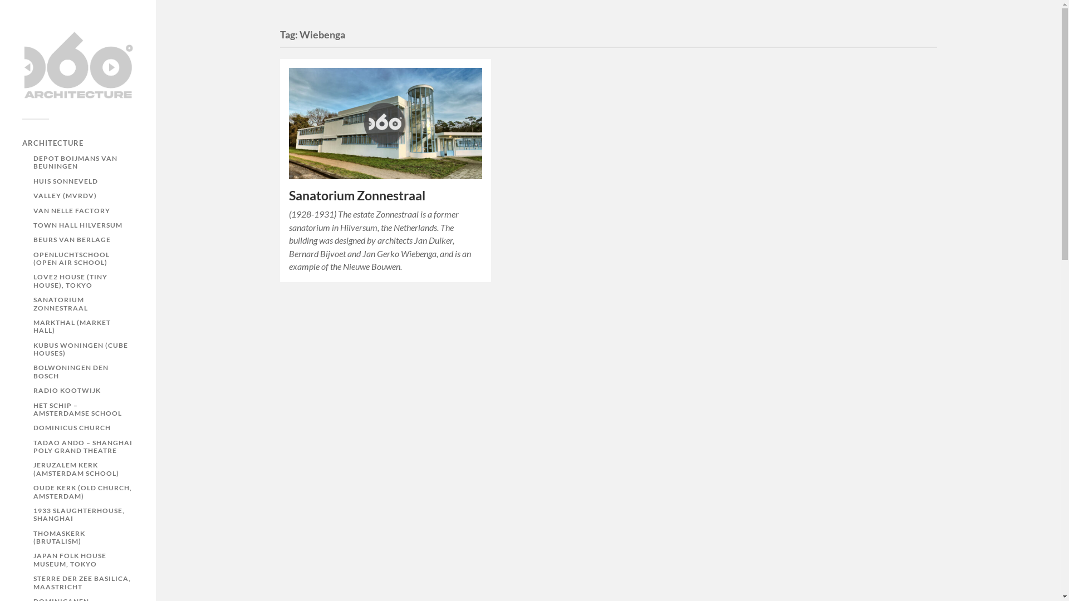  Describe the element at coordinates (71, 326) in the screenshot. I see `'MARKTHAL (MARKET HALL)'` at that location.